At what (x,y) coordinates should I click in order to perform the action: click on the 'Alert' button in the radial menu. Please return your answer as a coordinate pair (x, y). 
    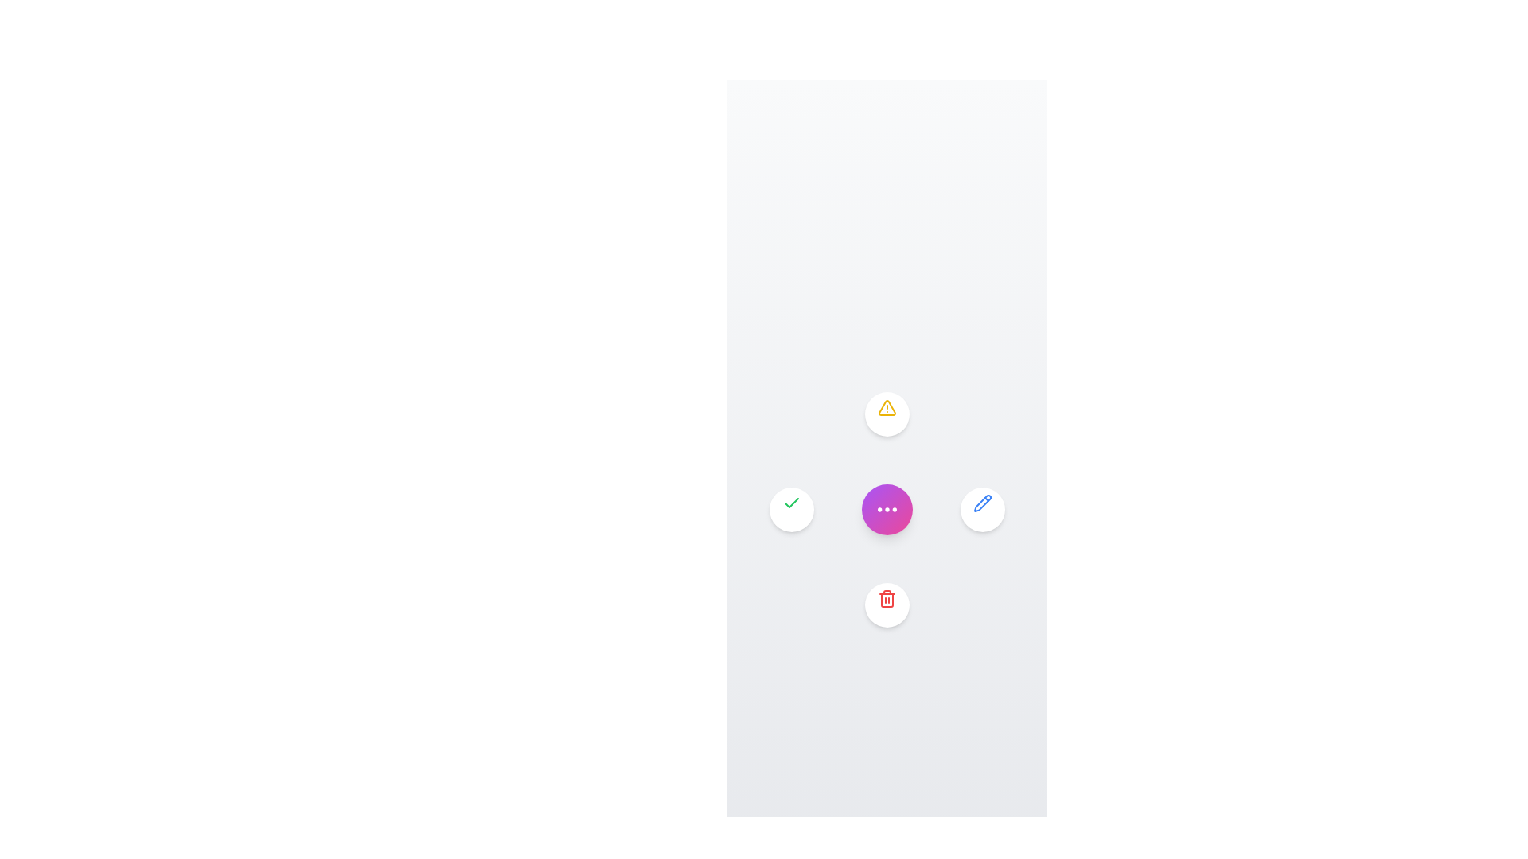
    Looking at the image, I should click on (886, 413).